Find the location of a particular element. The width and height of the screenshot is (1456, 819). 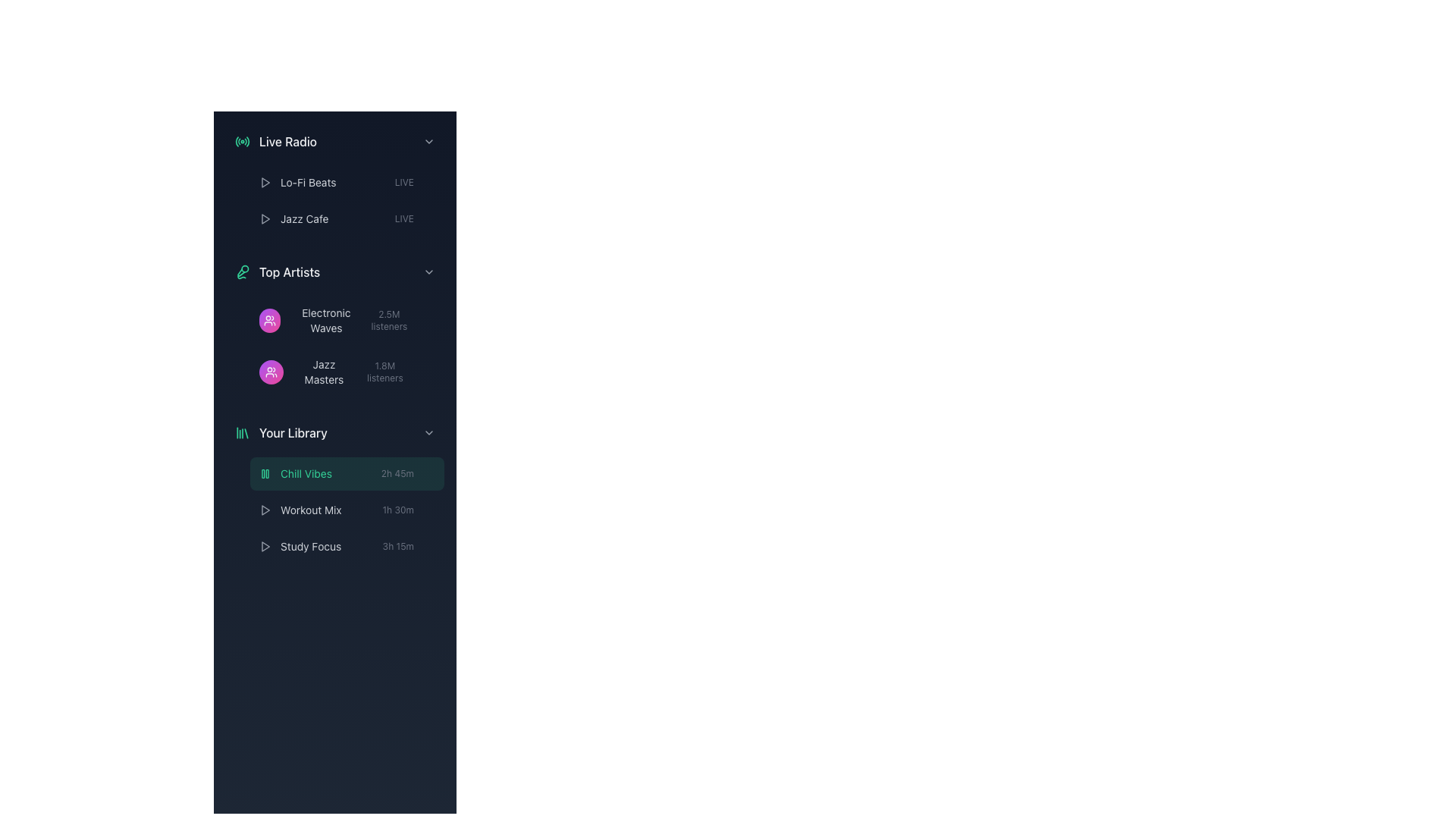

the first list item in the 'Top Artists' section to provide visual feedback before selecting it is located at coordinates (346, 320).